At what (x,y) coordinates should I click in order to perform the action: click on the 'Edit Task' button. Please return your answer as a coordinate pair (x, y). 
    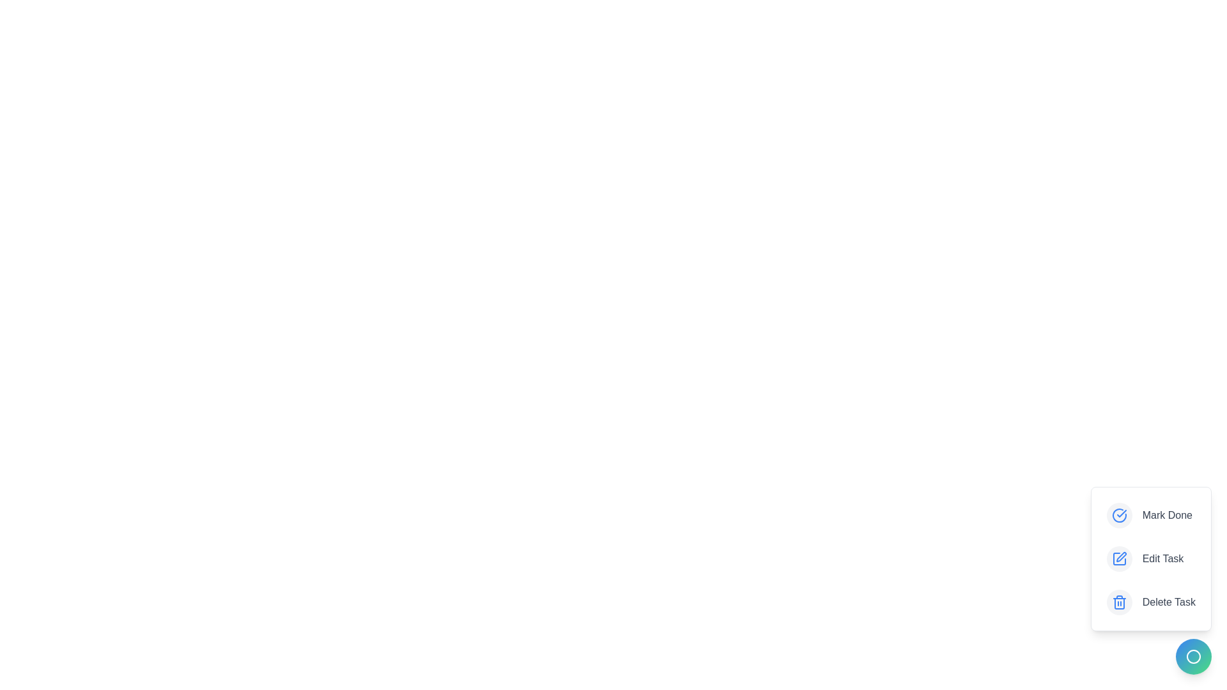
    Looking at the image, I should click on (1150, 558).